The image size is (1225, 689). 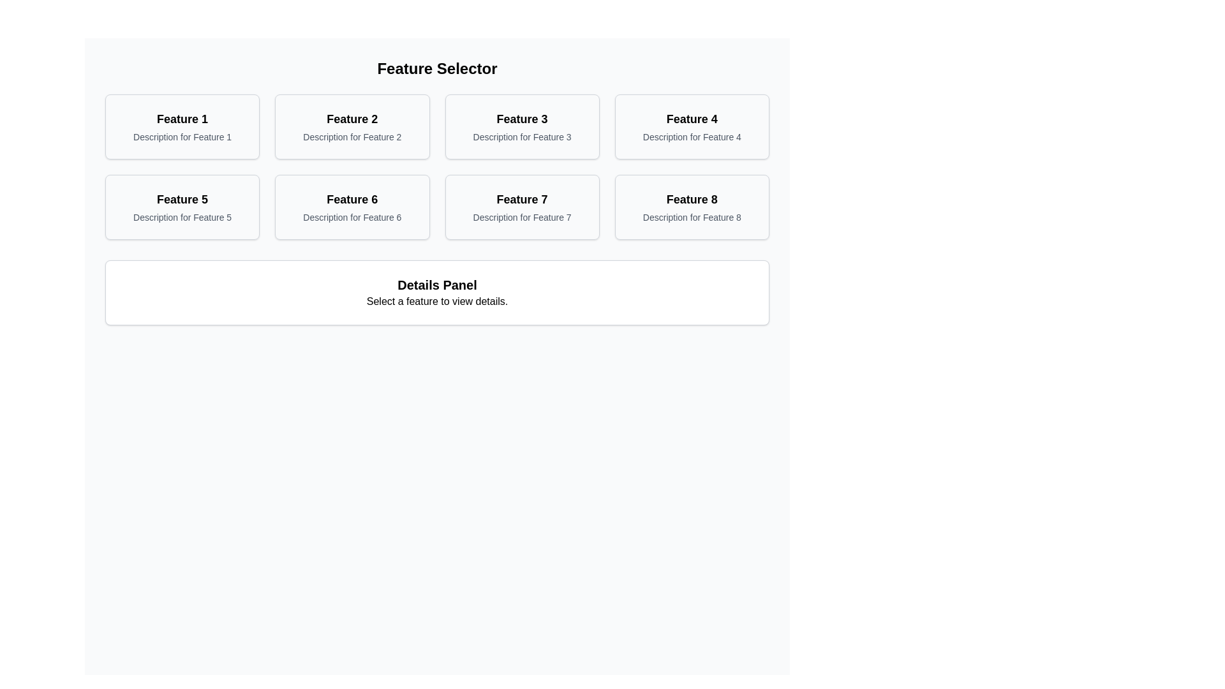 What do you see at coordinates (691, 127) in the screenshot?
I see `the Feature Card for 'Feature 4' located in the upper-right corner of the grid` at bounding box center [691, 127].